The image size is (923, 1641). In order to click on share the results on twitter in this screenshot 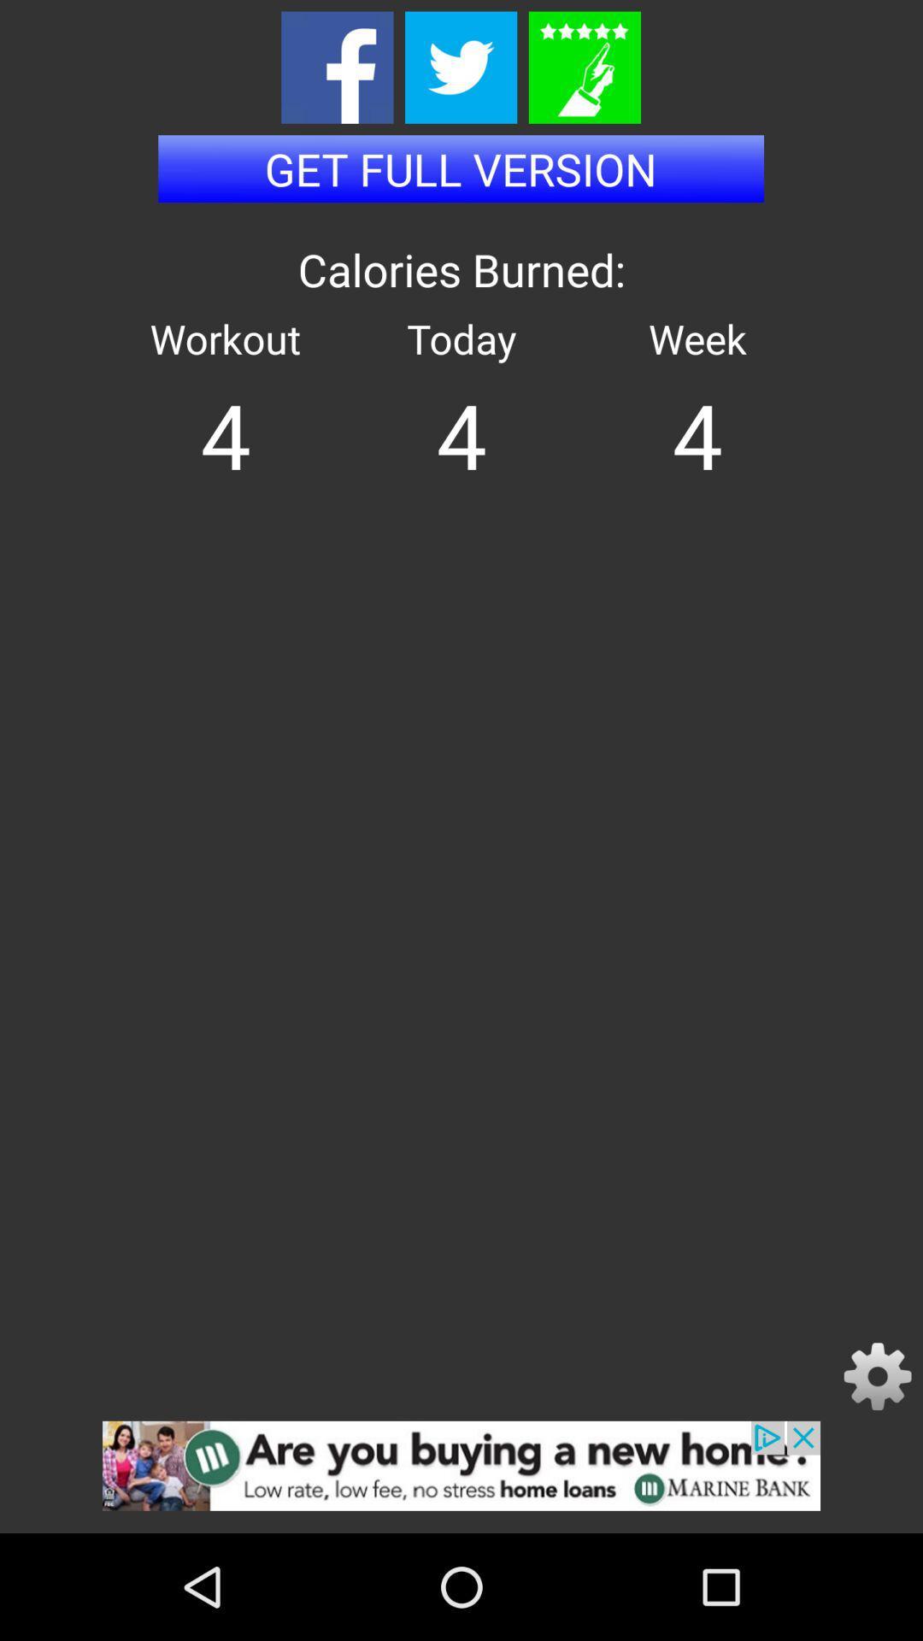, I will do `click(460, 68)`.